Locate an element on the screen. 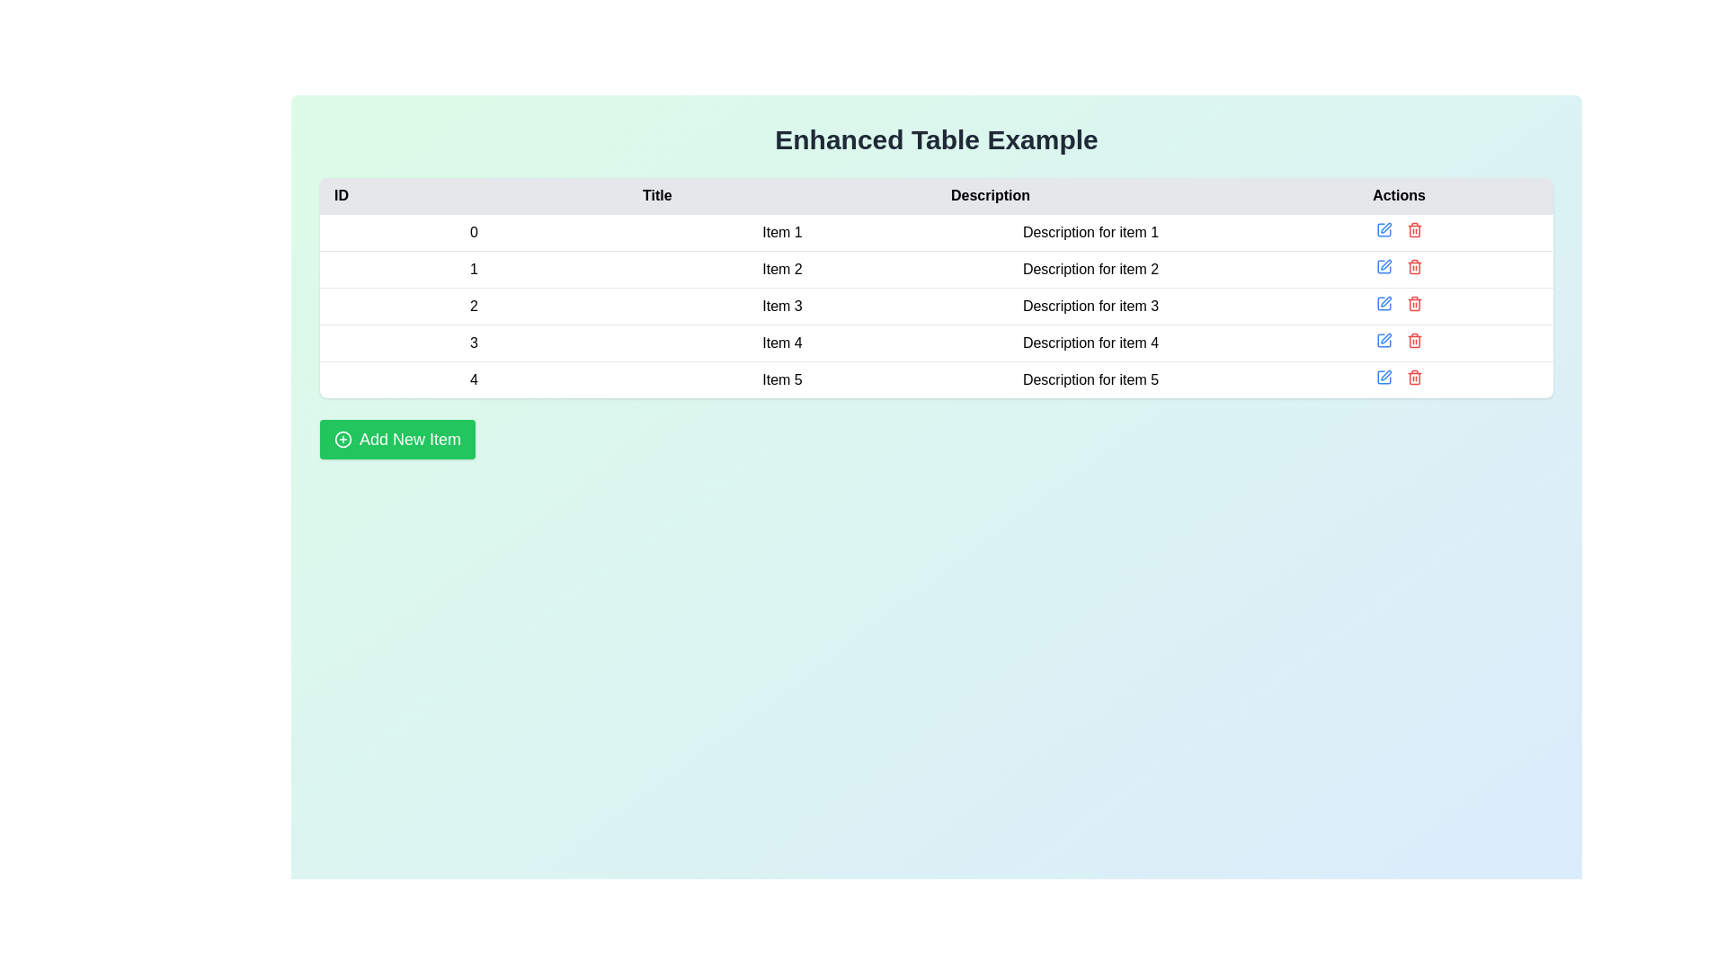  the text element reading 'Item 5' located in the 'Title' column of the table under the row corresponding to 'ID' 4 is located at coordinates (782, 379).